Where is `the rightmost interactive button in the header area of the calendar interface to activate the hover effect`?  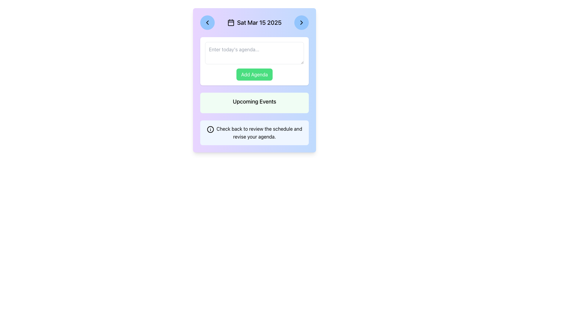
the rightmost interactive button in the header area of the calendar interface to activate the hover effect is located at coordinates (301, 22).